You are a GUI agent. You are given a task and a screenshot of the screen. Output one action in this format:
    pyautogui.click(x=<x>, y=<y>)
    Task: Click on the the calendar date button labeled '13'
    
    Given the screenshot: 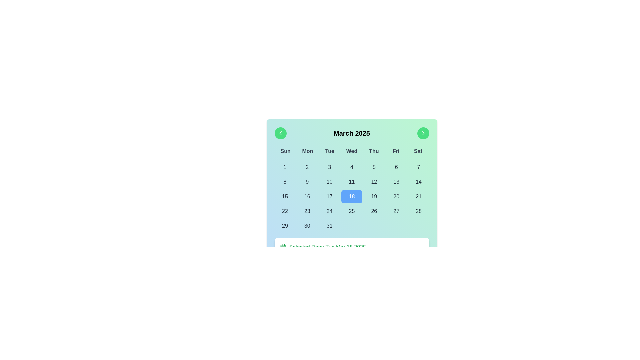 What is the action you would take?
    pyautogui.click(x=396, y=182)
    